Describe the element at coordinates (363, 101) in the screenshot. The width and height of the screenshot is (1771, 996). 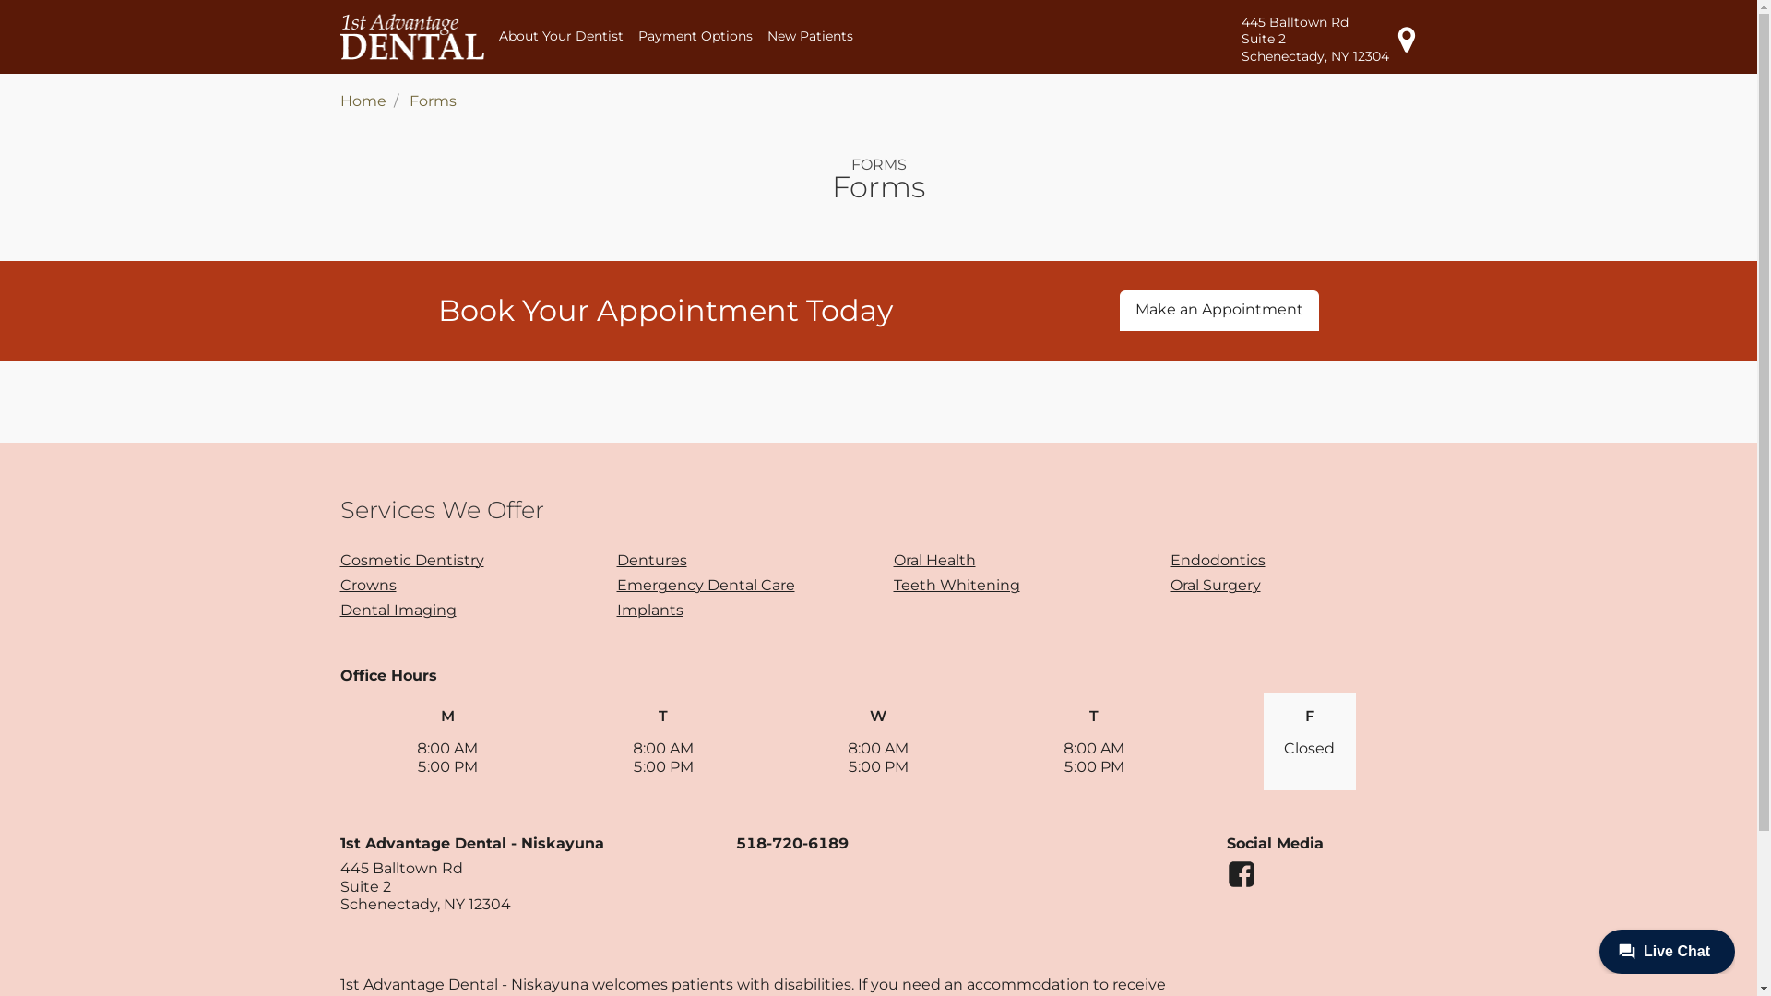
I see `'Home'` at that location.